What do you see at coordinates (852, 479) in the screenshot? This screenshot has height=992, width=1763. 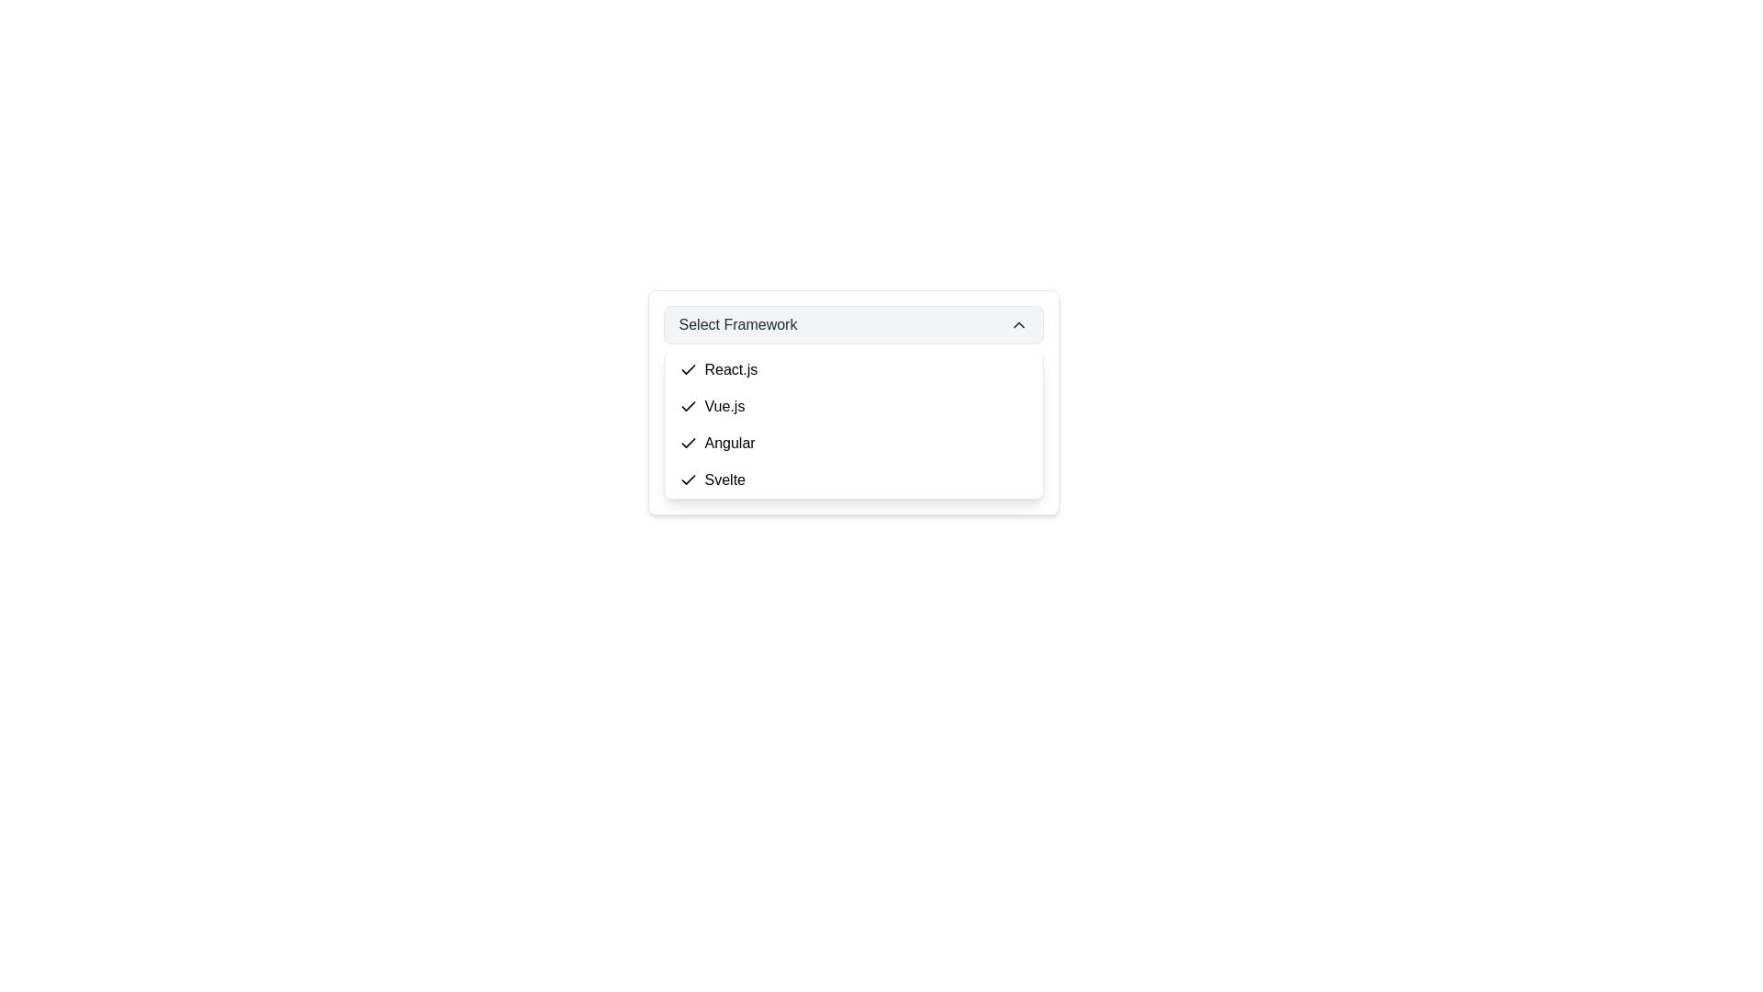 I see `the dropdown list item labeled 'Svelte' to bring this option into view if necessary` at bounding box center [852, 479].